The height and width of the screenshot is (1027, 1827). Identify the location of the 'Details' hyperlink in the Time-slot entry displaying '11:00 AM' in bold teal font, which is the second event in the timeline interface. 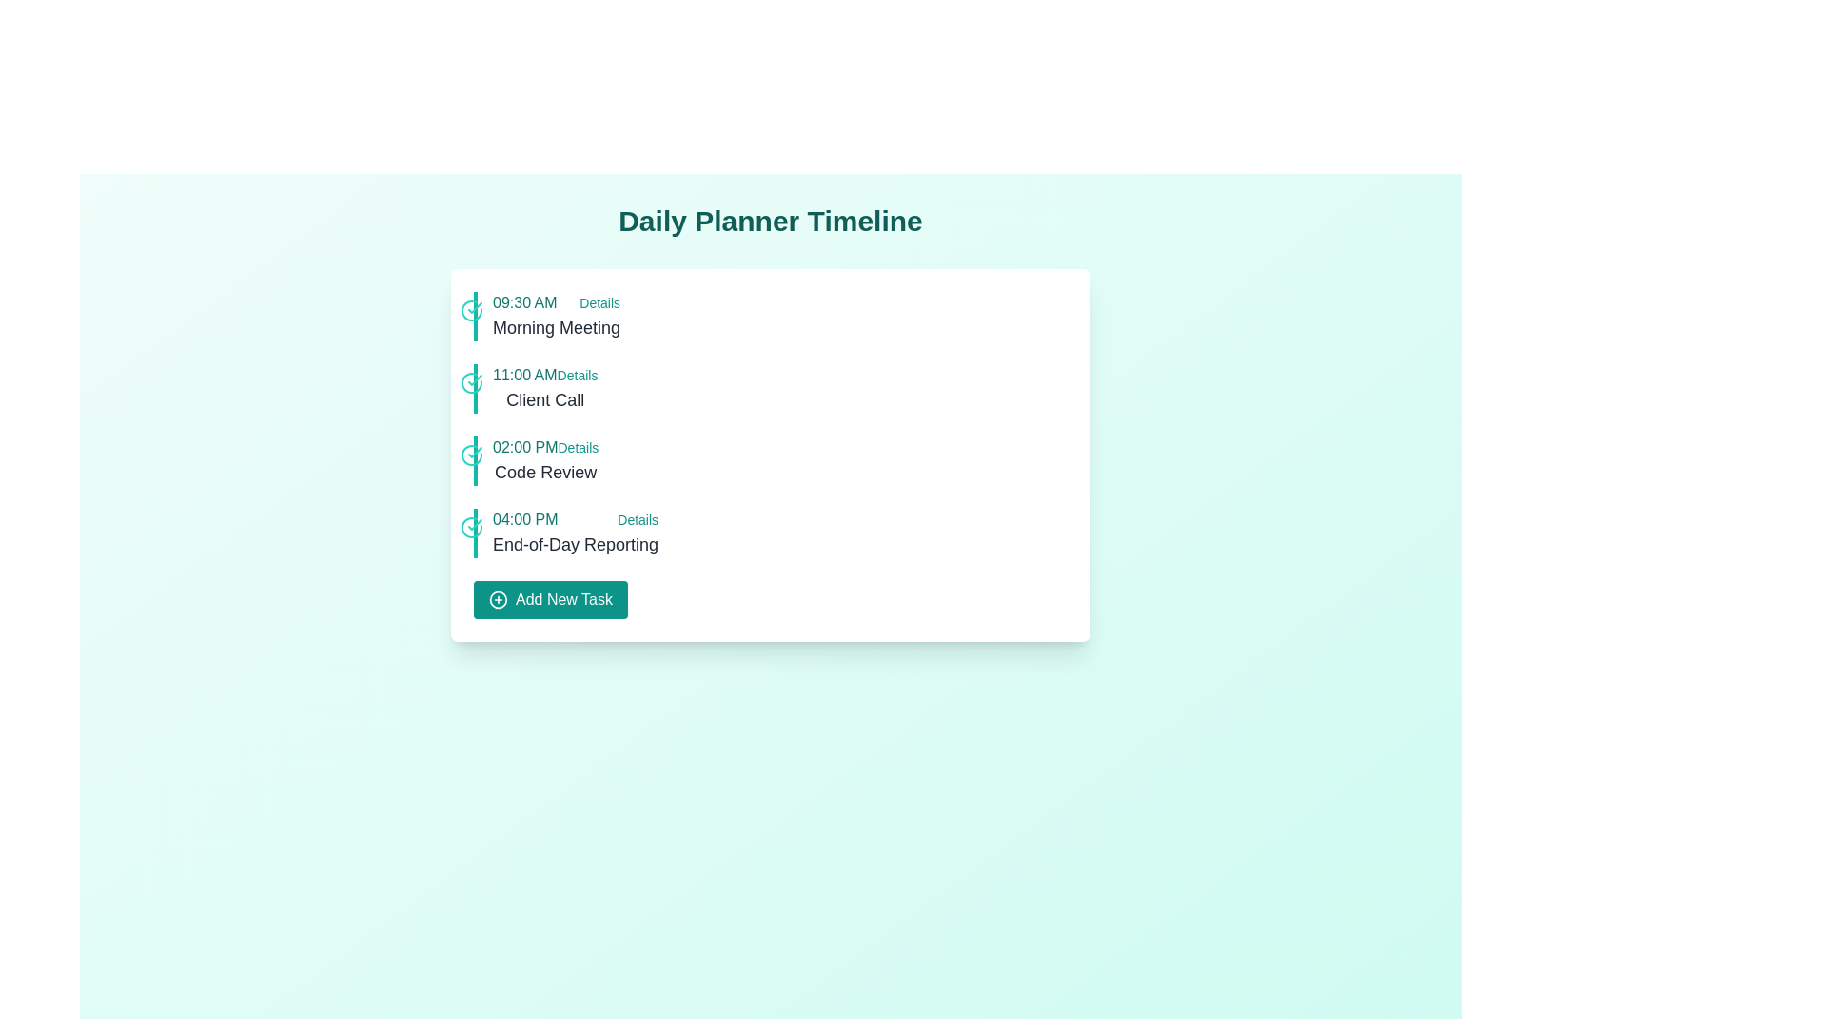
(544, 375).